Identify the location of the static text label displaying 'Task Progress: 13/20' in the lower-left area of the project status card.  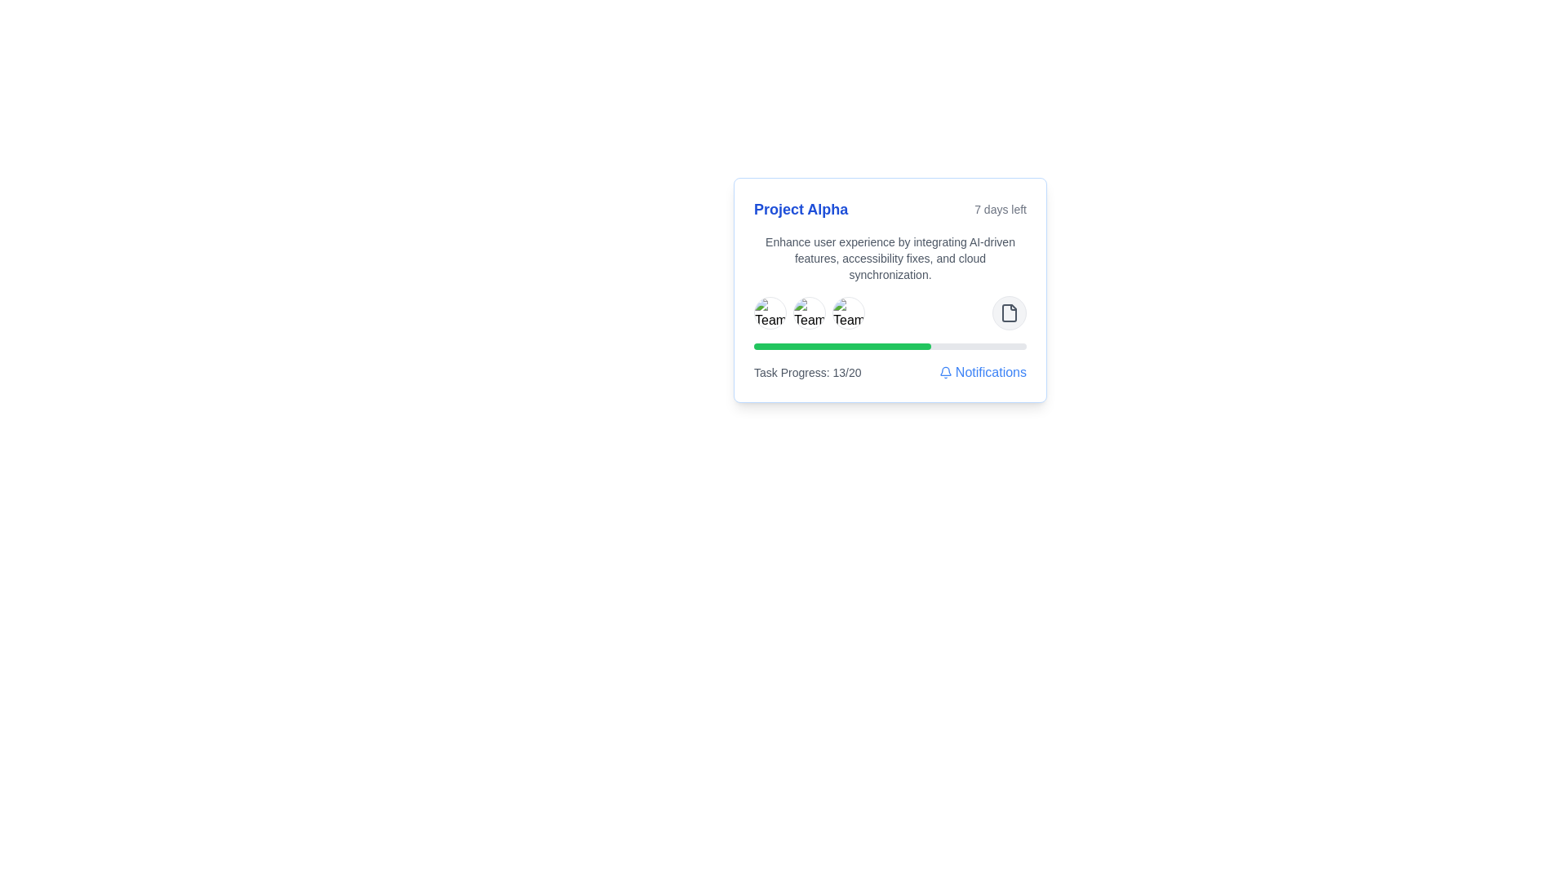
(807, 372).